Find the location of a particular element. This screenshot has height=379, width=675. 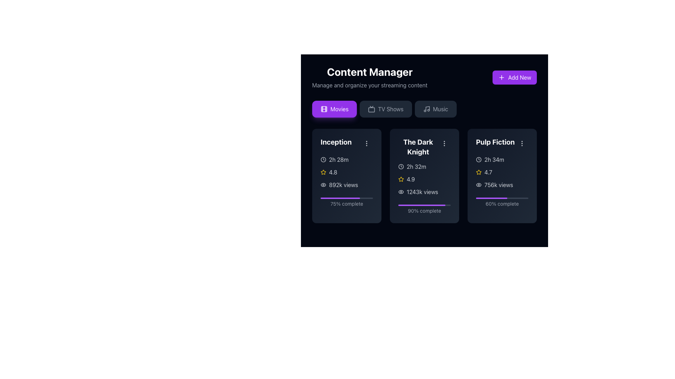

the rating score displayed in the Text Label for the movie 'Pulp Fiction', which is positioned above the '756k views' text content and follows a yellow star icon is located at coordinates (488, 172).